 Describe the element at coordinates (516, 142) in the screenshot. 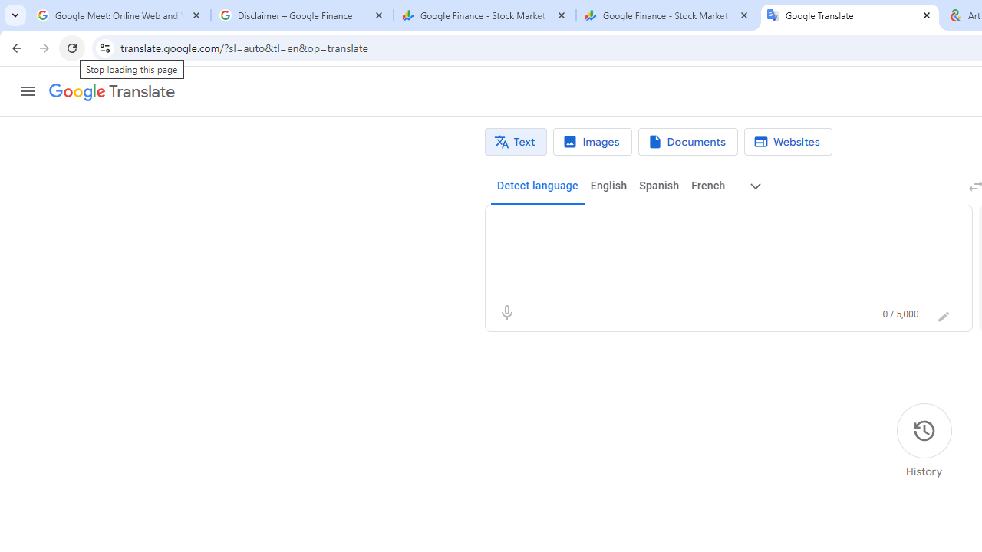

I see `'Text translation'` at that location.